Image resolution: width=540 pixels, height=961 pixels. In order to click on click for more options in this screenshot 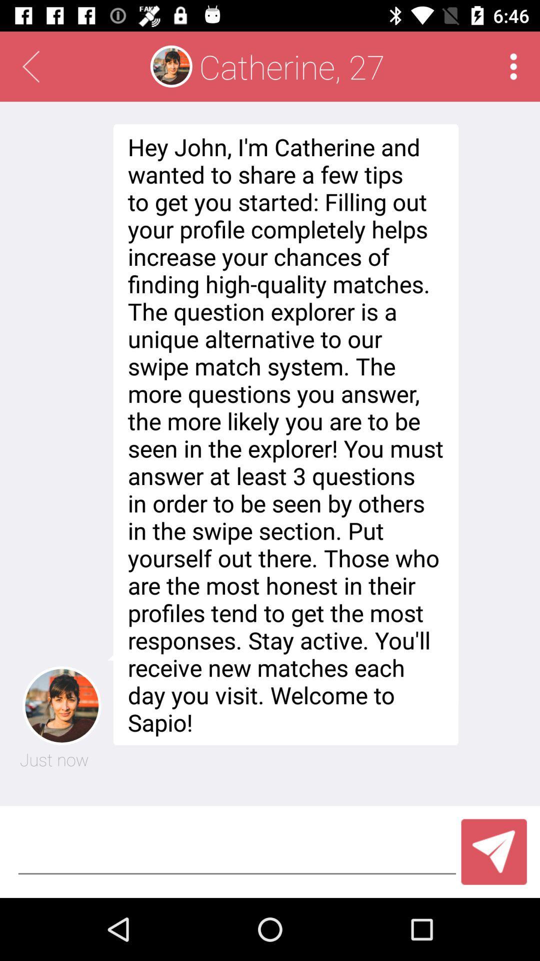, I will do `click(513, 66)`.